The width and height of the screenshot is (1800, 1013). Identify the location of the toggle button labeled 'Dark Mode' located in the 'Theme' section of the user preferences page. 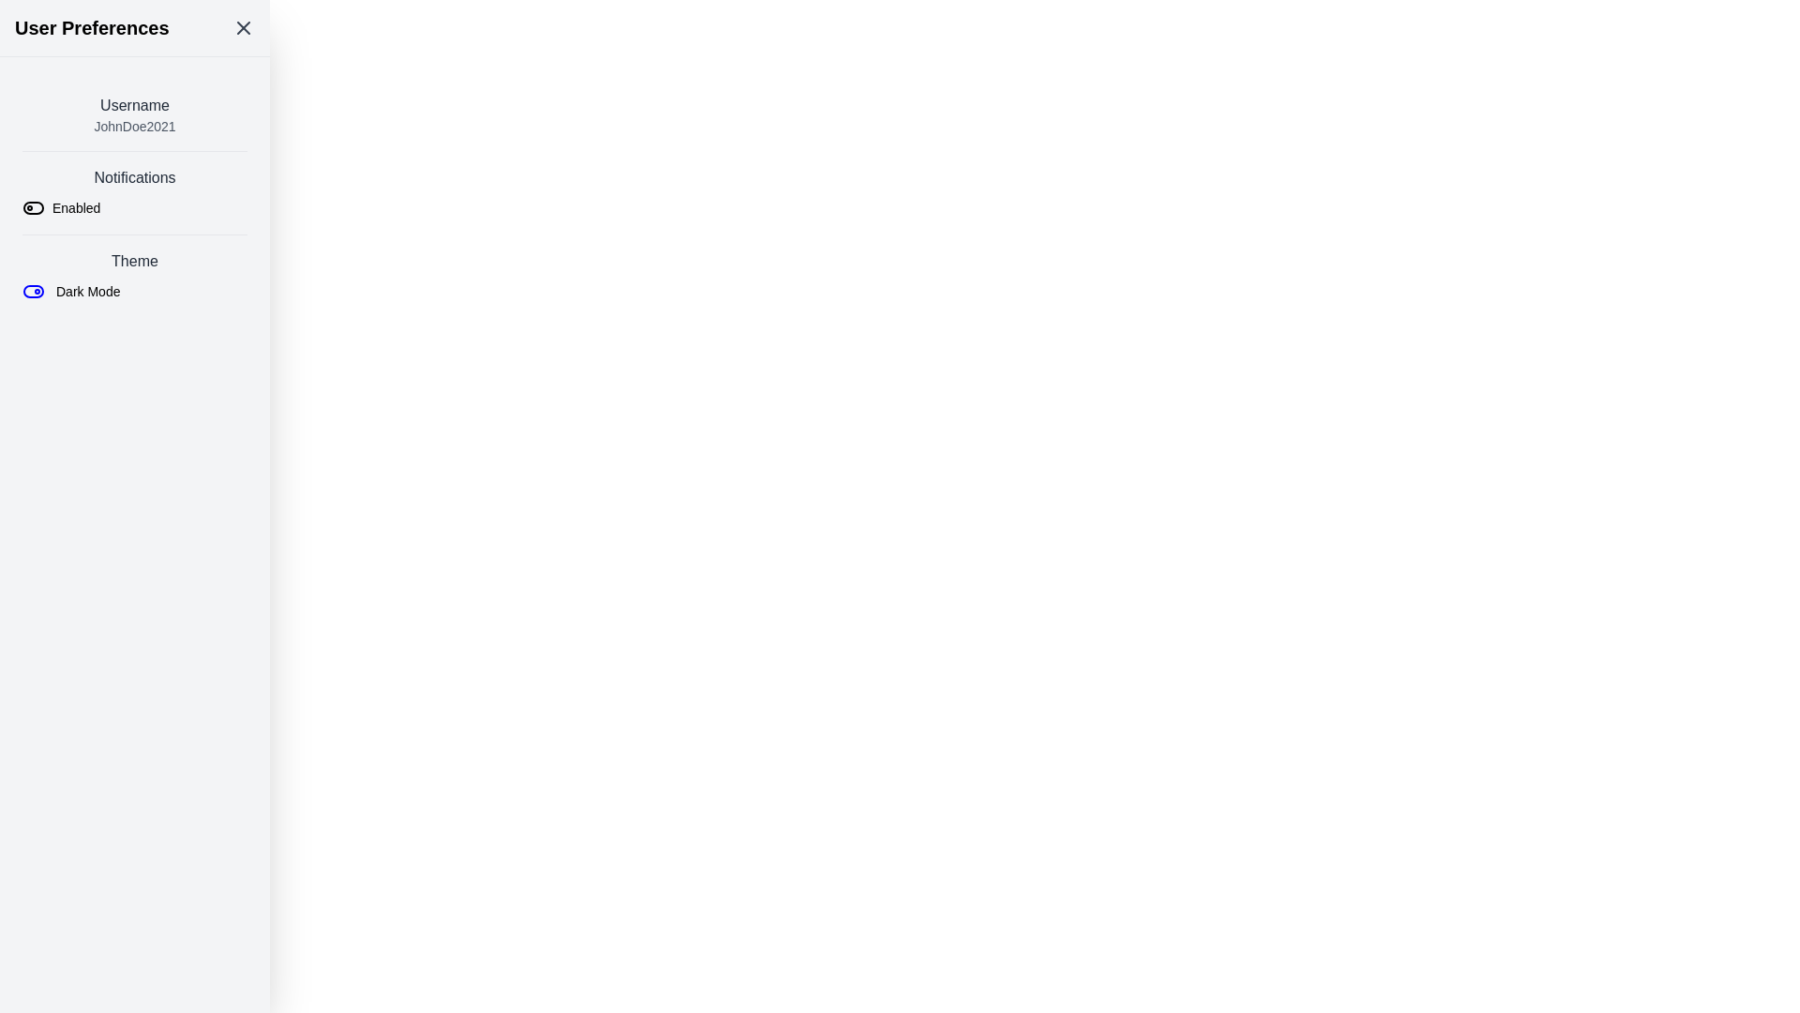
(134, 292).